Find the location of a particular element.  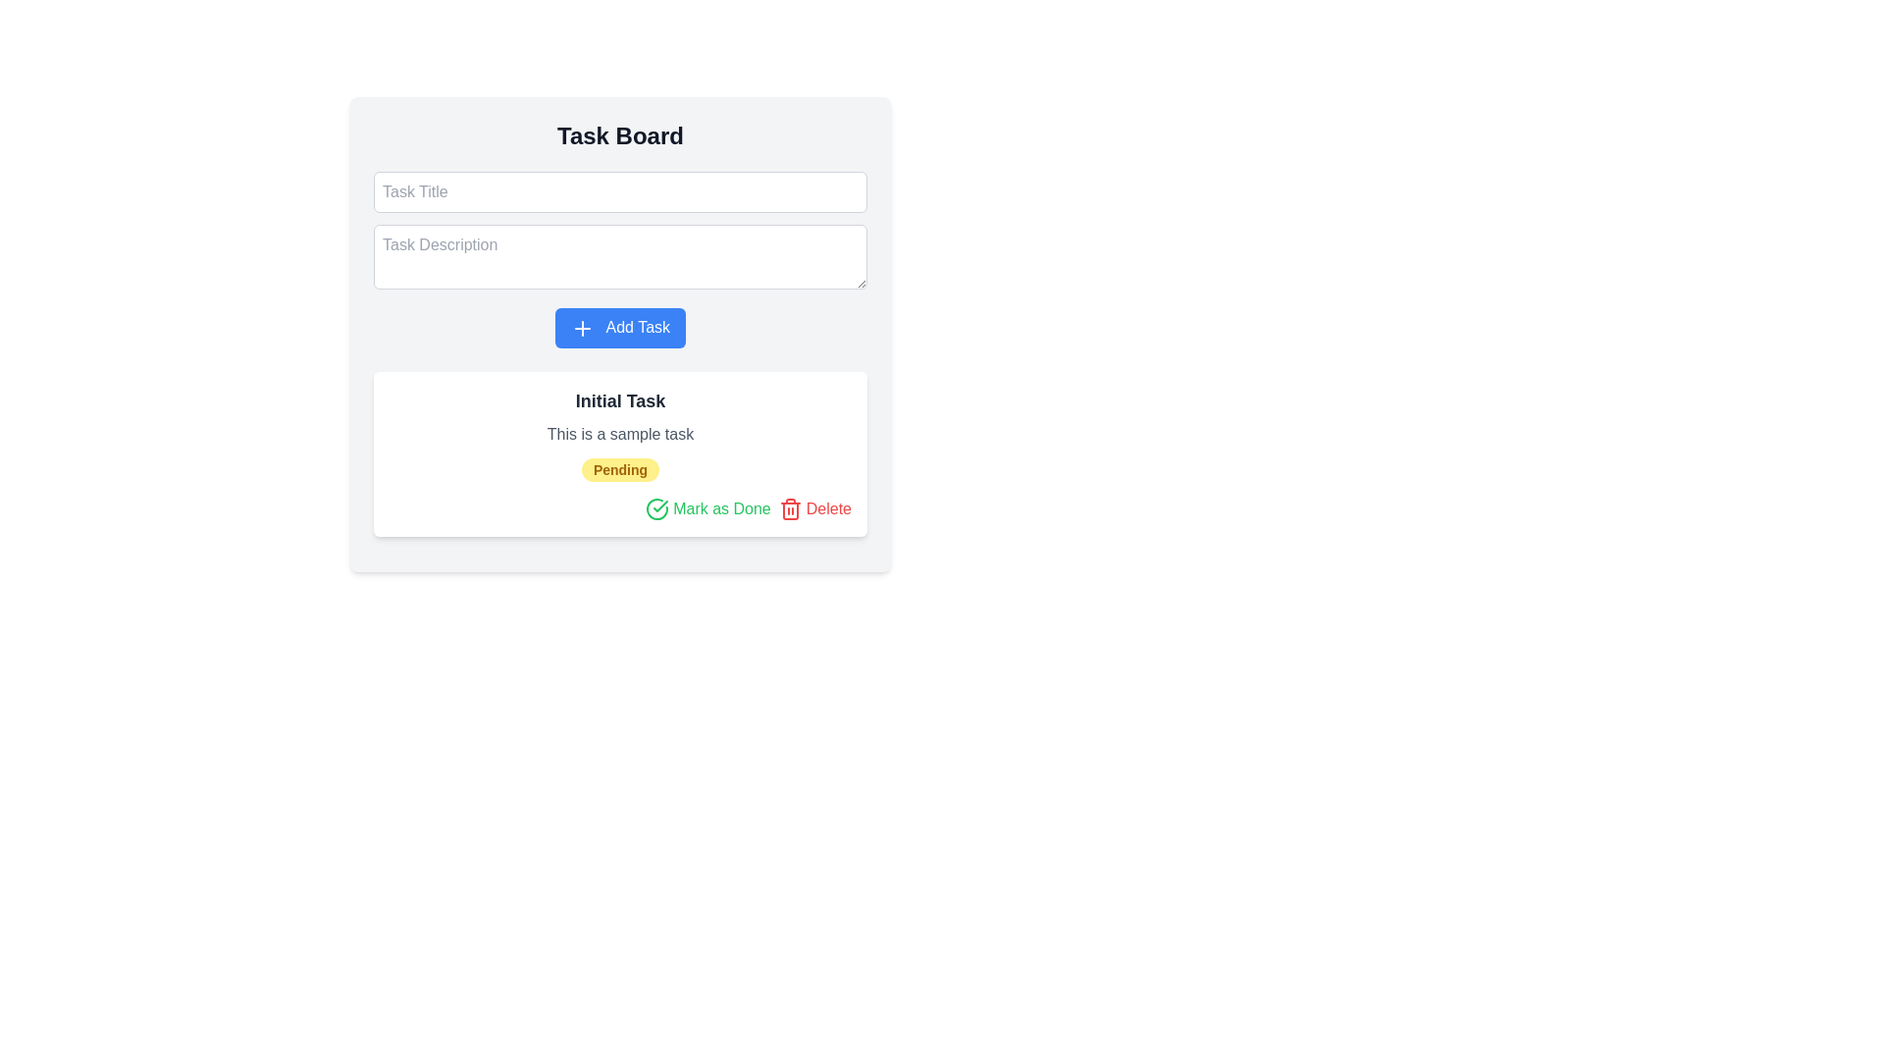

the 'Delete' button located to the far right in the task controls panel for 'Initial Task' beneath the 'Pending' status badge to observe the hover effect is located at coordinates (814, 507).